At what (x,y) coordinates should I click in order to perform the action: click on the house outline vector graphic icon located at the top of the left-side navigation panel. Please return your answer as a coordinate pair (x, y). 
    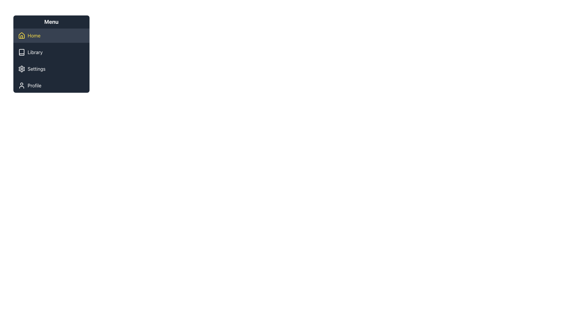
    Looking at the image, I should click on (21, 35).